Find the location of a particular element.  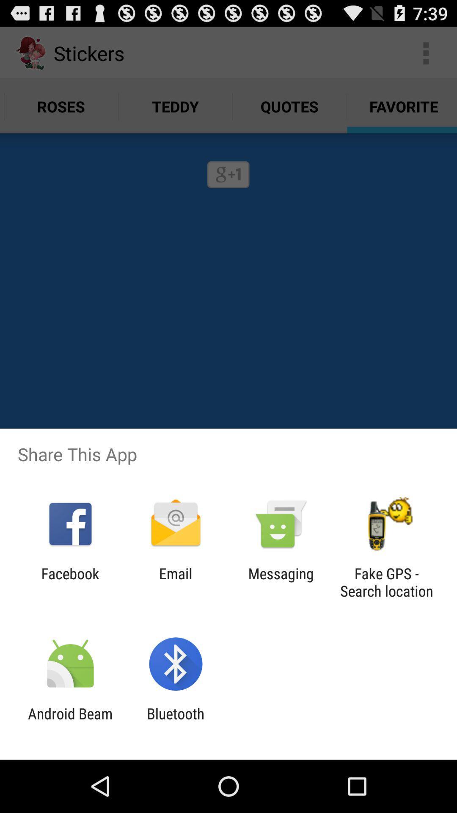

messaging is located at coordinates (281, 582).